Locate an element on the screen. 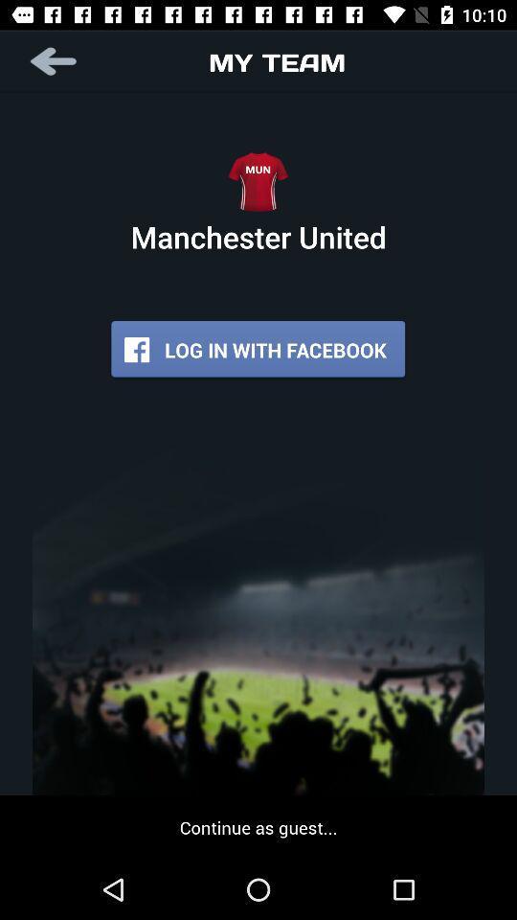  icon below log in with is located at coordinates (258, 826).